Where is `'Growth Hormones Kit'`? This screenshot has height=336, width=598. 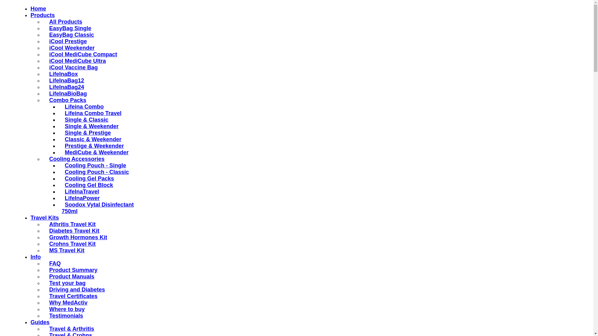 'Growth Hormones Kit' is located at coordinates (76, 237).